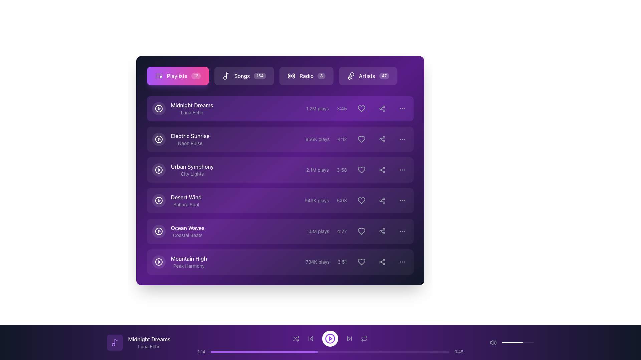  I want to click on the circular share icon located to the right of the 'Mountain High' song row in the playlist interface, so click(382, 262).